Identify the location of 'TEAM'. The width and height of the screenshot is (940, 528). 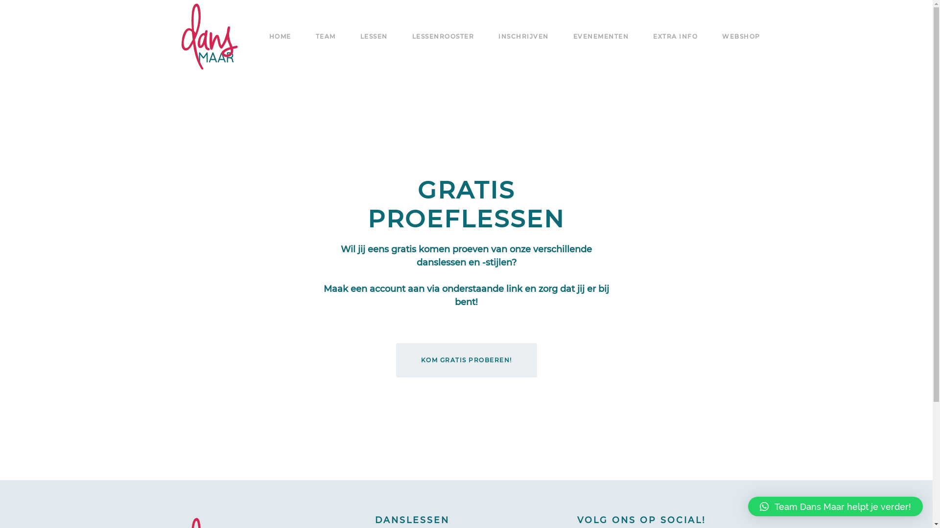
(325, 36).